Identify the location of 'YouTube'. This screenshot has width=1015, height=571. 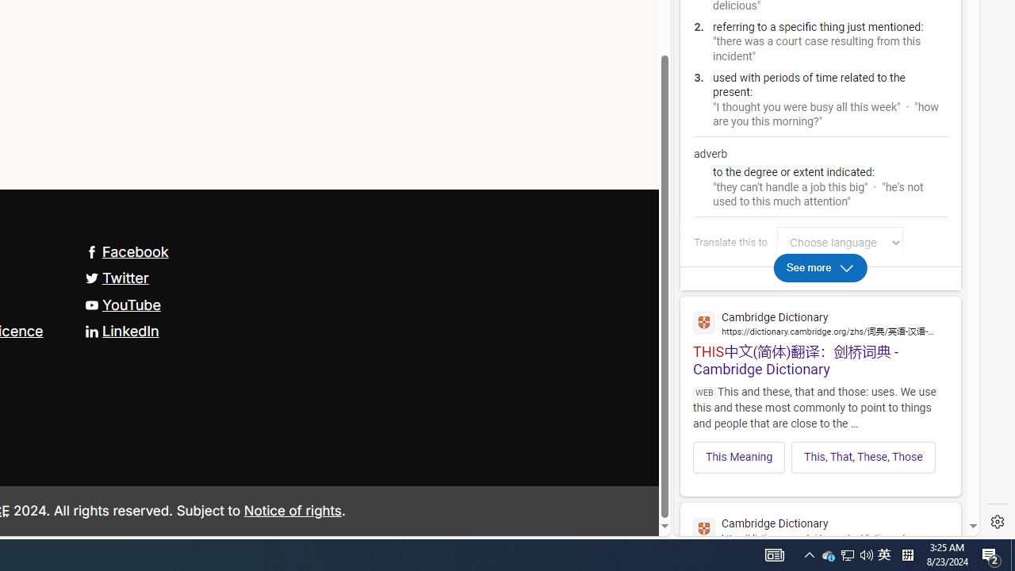
(121, 305).